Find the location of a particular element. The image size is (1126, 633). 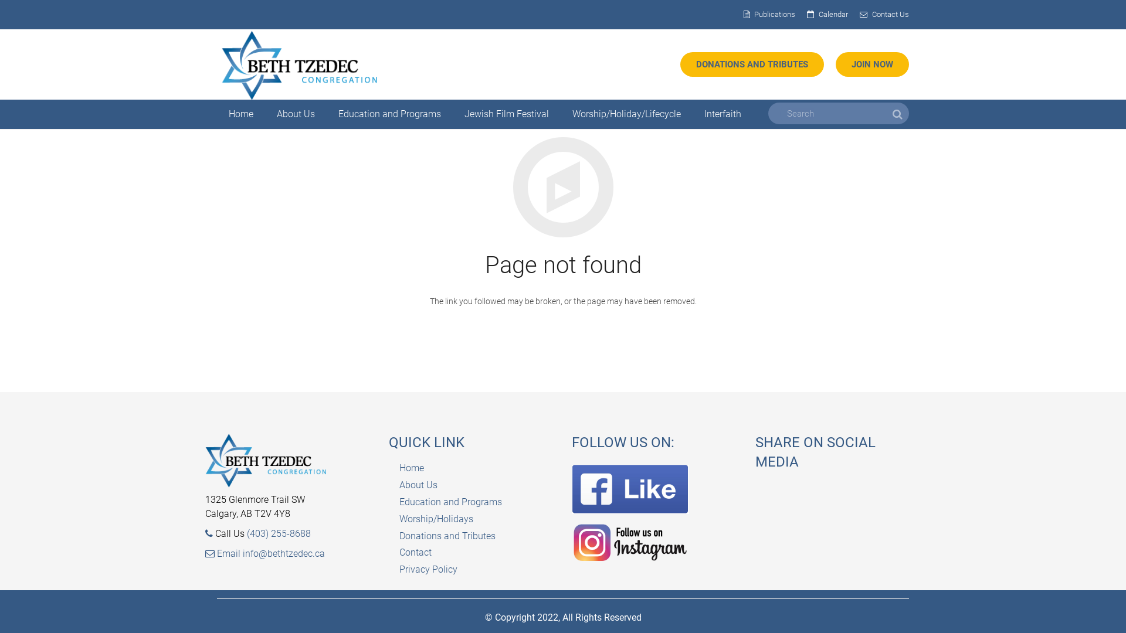

'JOIN NOW' is located at coordinates (872, 64).